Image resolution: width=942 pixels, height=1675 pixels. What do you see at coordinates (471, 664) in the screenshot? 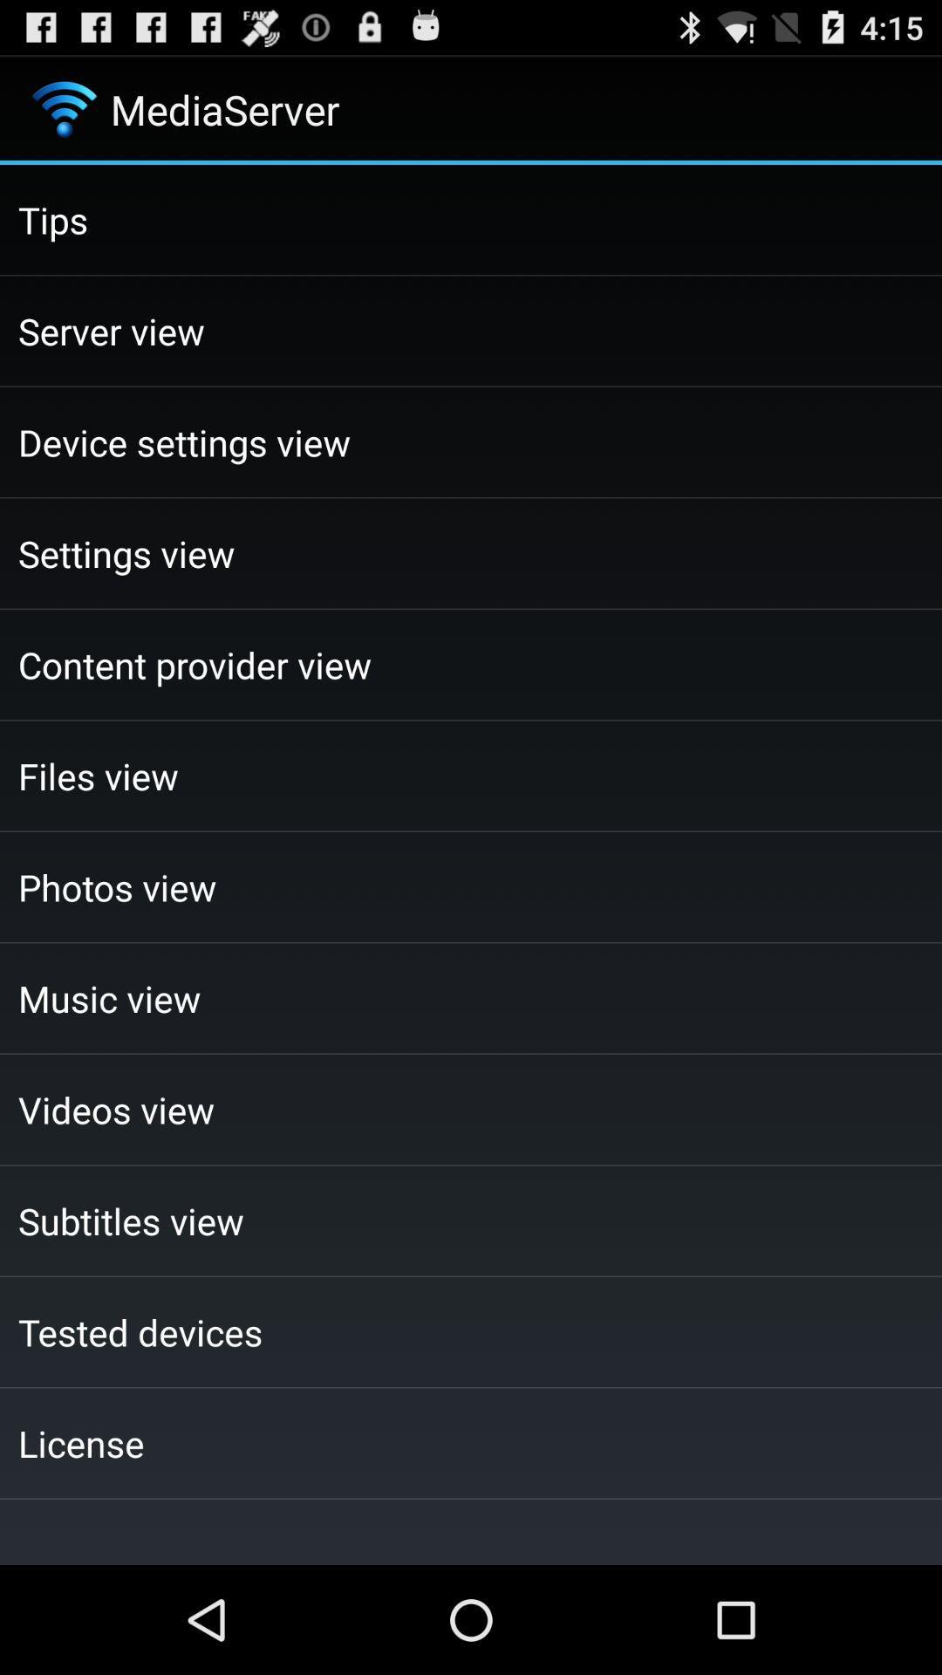
I see `item above the files view item` at bounding box center [471, 664].